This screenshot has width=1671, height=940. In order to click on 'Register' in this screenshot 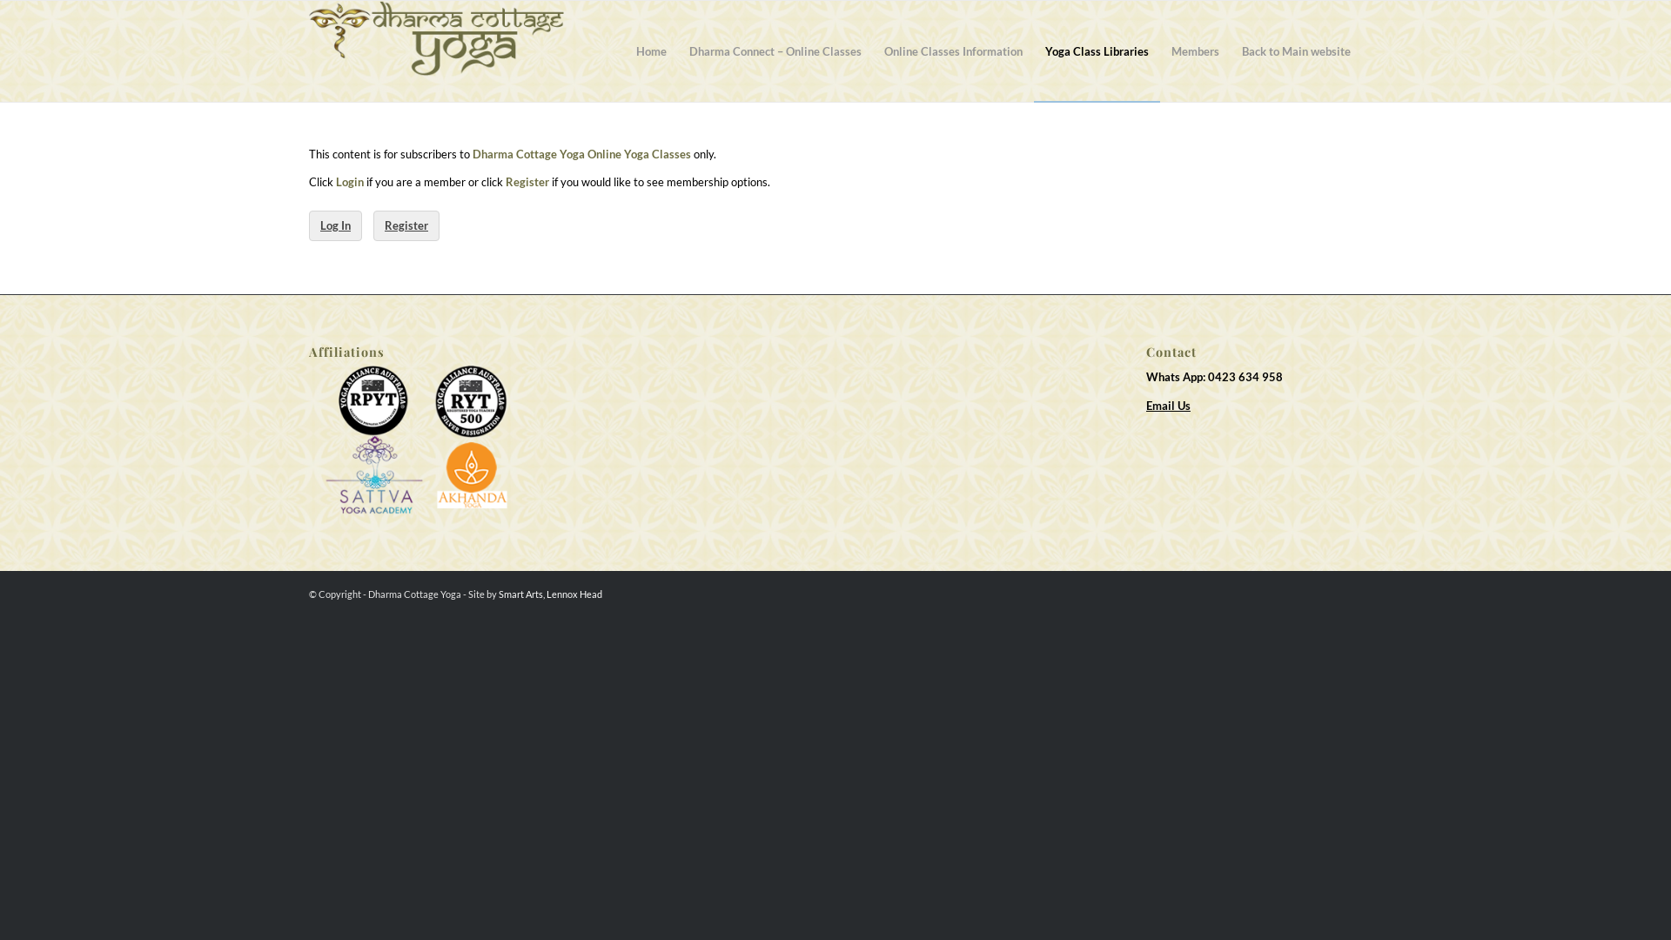, I will do `click(405, 225)`.